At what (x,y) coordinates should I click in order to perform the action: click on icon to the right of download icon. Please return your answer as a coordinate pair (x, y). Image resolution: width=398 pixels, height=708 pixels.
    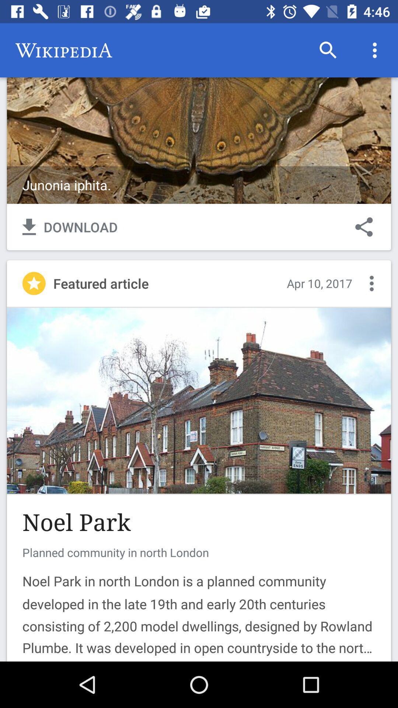
    Looking at the image, I should click on (363, 226).